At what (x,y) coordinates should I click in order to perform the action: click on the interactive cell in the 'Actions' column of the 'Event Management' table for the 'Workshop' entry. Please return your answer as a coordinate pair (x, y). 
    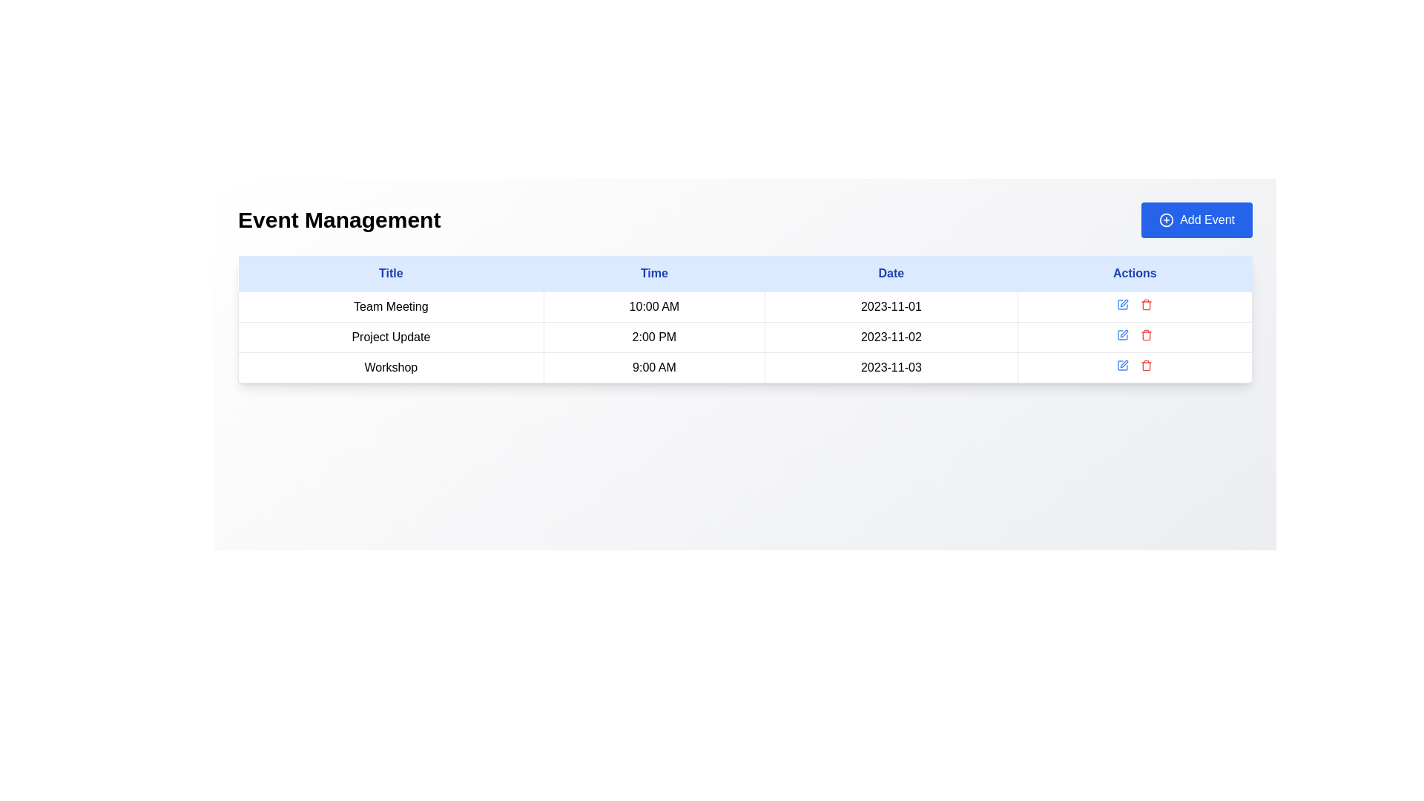
    Looking at the image, I should click on (1134, 367).